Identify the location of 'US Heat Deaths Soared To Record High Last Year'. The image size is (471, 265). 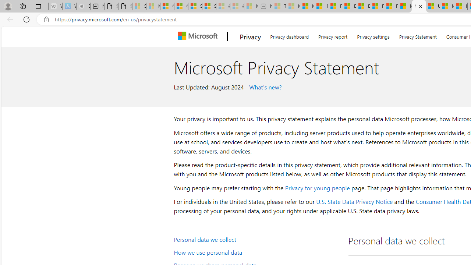
(433, 6).